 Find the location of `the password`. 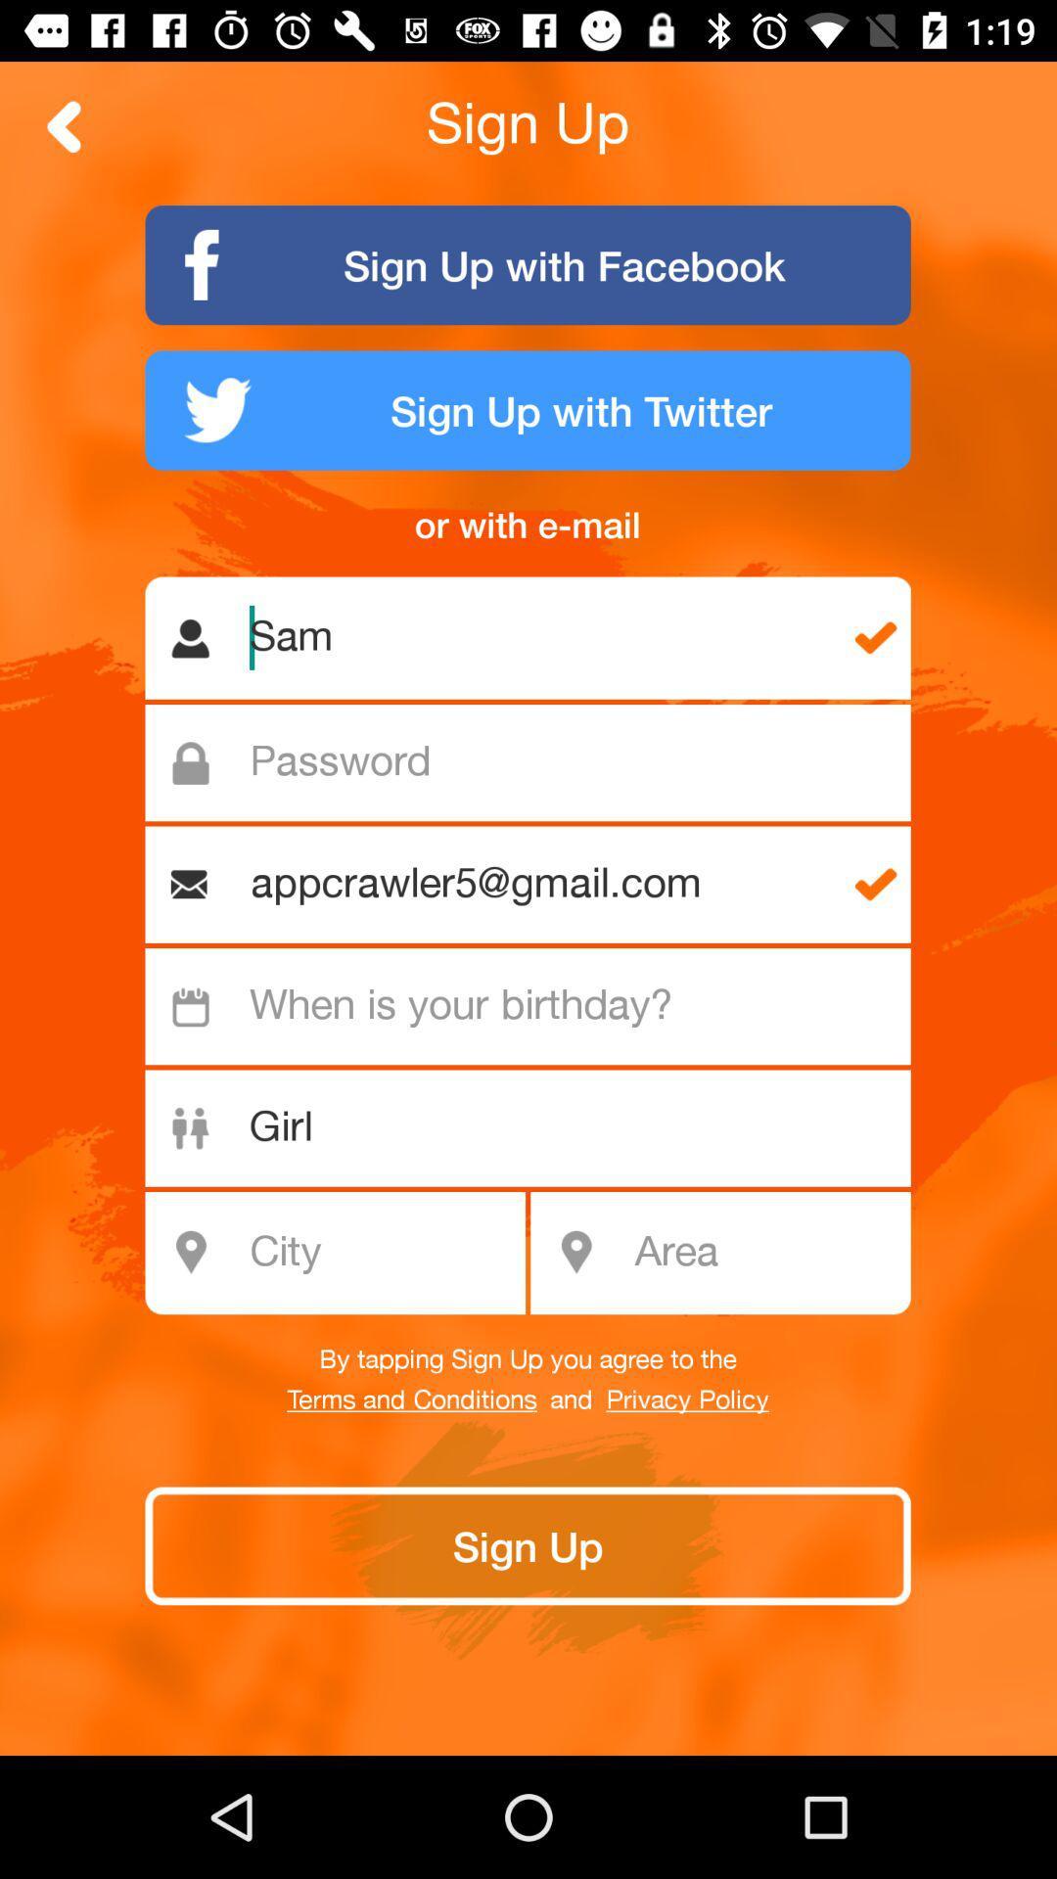

the password is located at coordinates (538, 761).